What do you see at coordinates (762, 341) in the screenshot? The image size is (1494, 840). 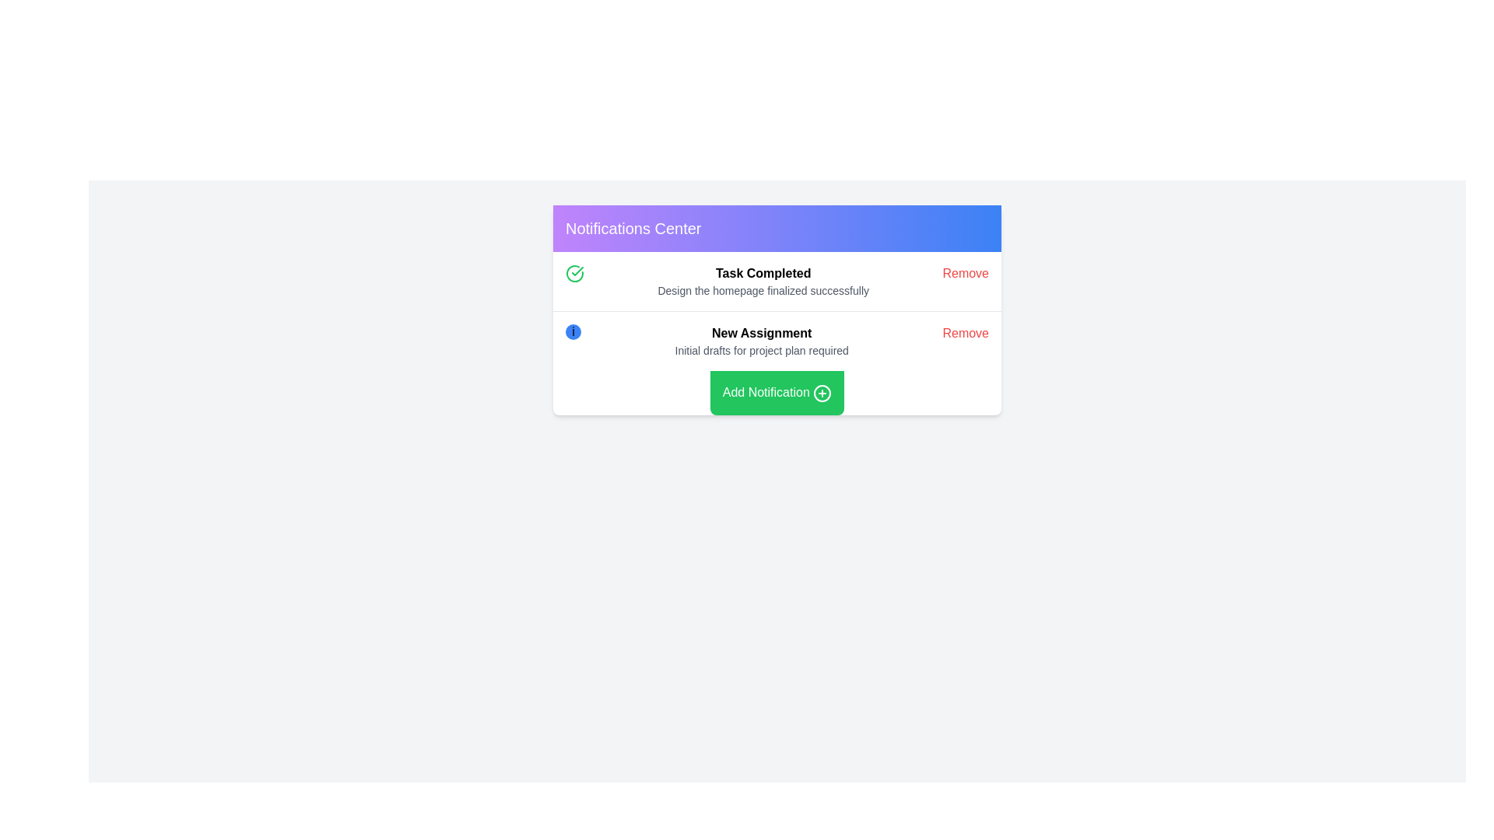 I see `text content of the second notification in the 'Notifications Center' panel, which displays a message about an upcoming task or event` at bounding box center [762, 341].